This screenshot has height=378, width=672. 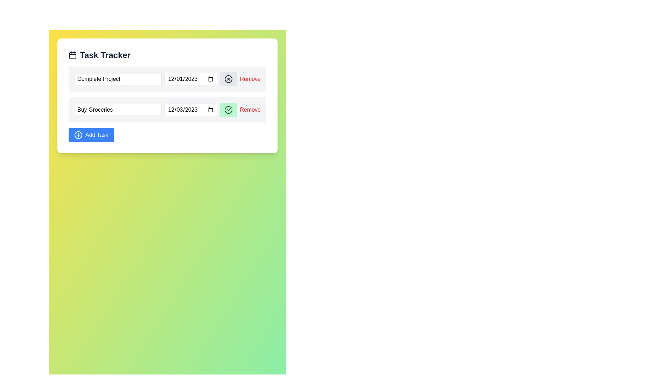 What do you see at coordinates (229, 110) in the screenshot?
I see `the circular checkmark icon with a bold green outline located in the 'Buy Groceries' row` at bounding box center [229, 110].